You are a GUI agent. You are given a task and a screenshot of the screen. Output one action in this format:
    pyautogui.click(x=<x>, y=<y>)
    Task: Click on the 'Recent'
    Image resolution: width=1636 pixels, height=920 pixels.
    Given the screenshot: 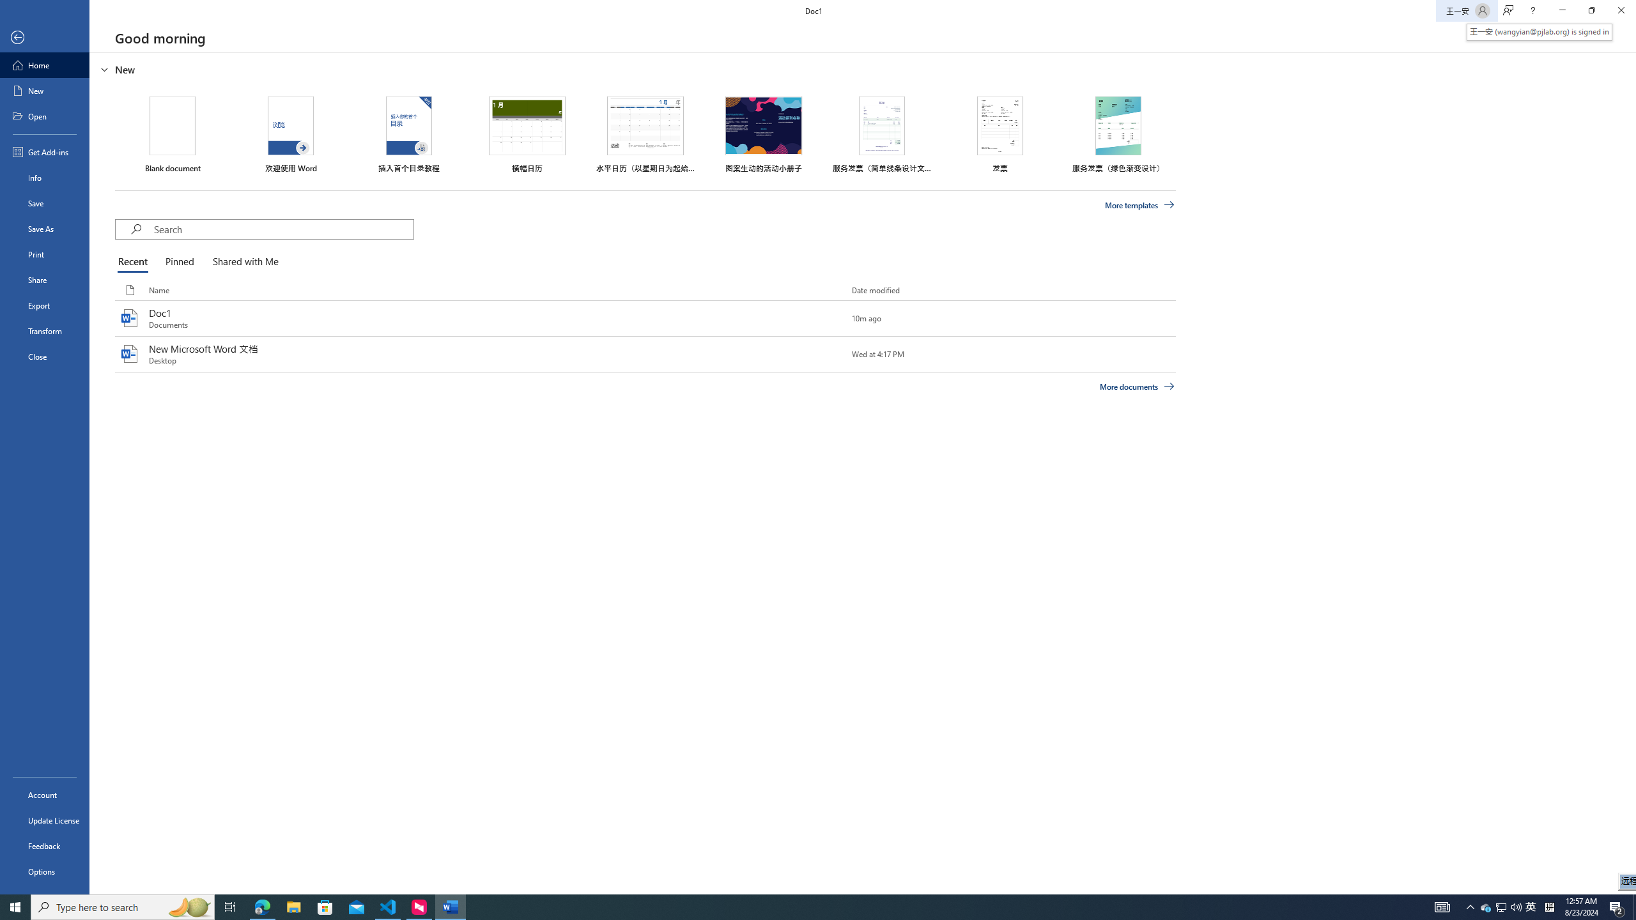 What is the action you would take?
    pyautogui.click(x=135, y=262)
    